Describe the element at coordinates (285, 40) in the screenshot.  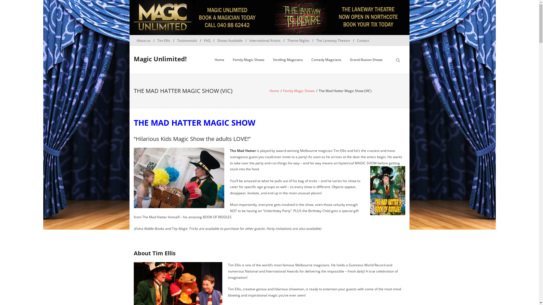
I see `'Theme Nights'` at that location.